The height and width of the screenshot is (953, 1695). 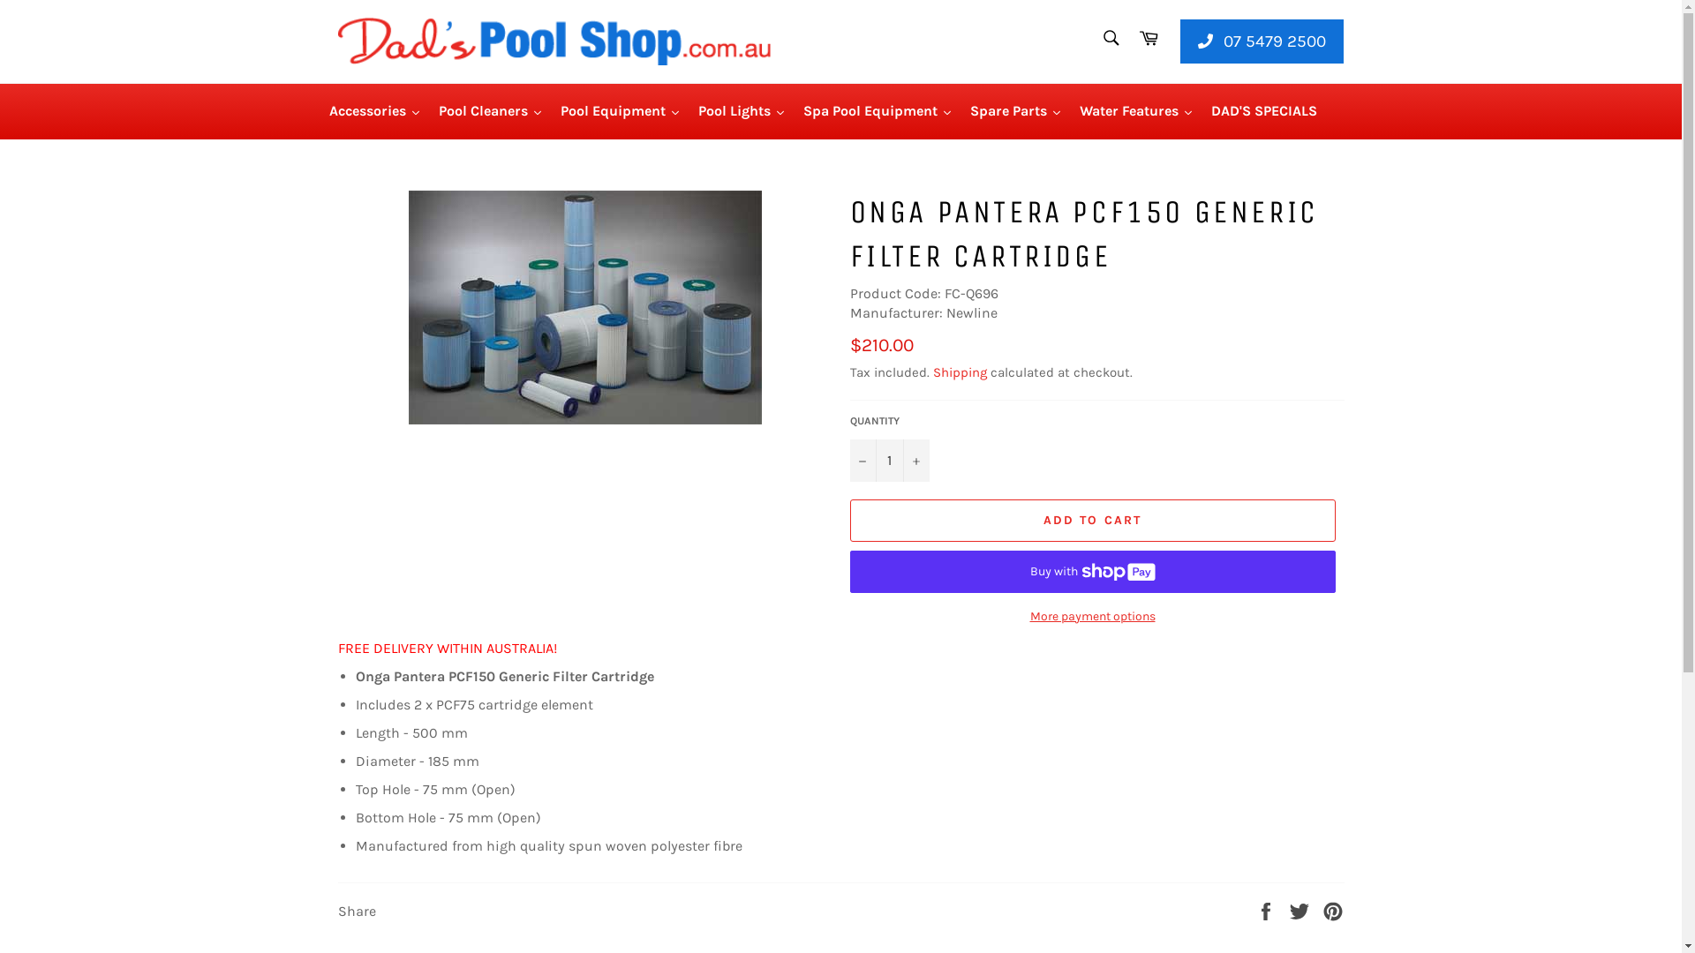 I want to click on '07 5479 2500', so click(x=1261, y=40).